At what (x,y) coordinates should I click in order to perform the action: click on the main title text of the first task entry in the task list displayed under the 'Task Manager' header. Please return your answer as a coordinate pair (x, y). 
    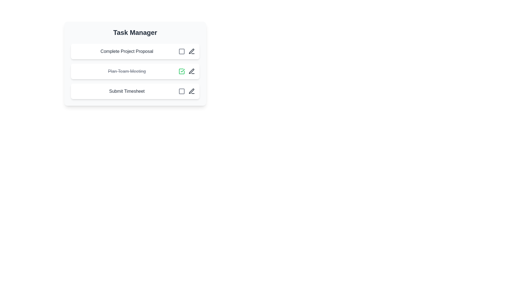
    Looking at the image, I should click on (126, 51).